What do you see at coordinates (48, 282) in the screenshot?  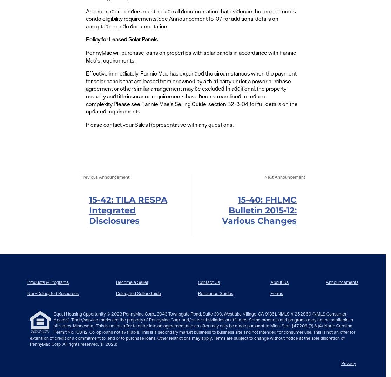 I see `'Products & Programs'` at bounding box center [48, 282].